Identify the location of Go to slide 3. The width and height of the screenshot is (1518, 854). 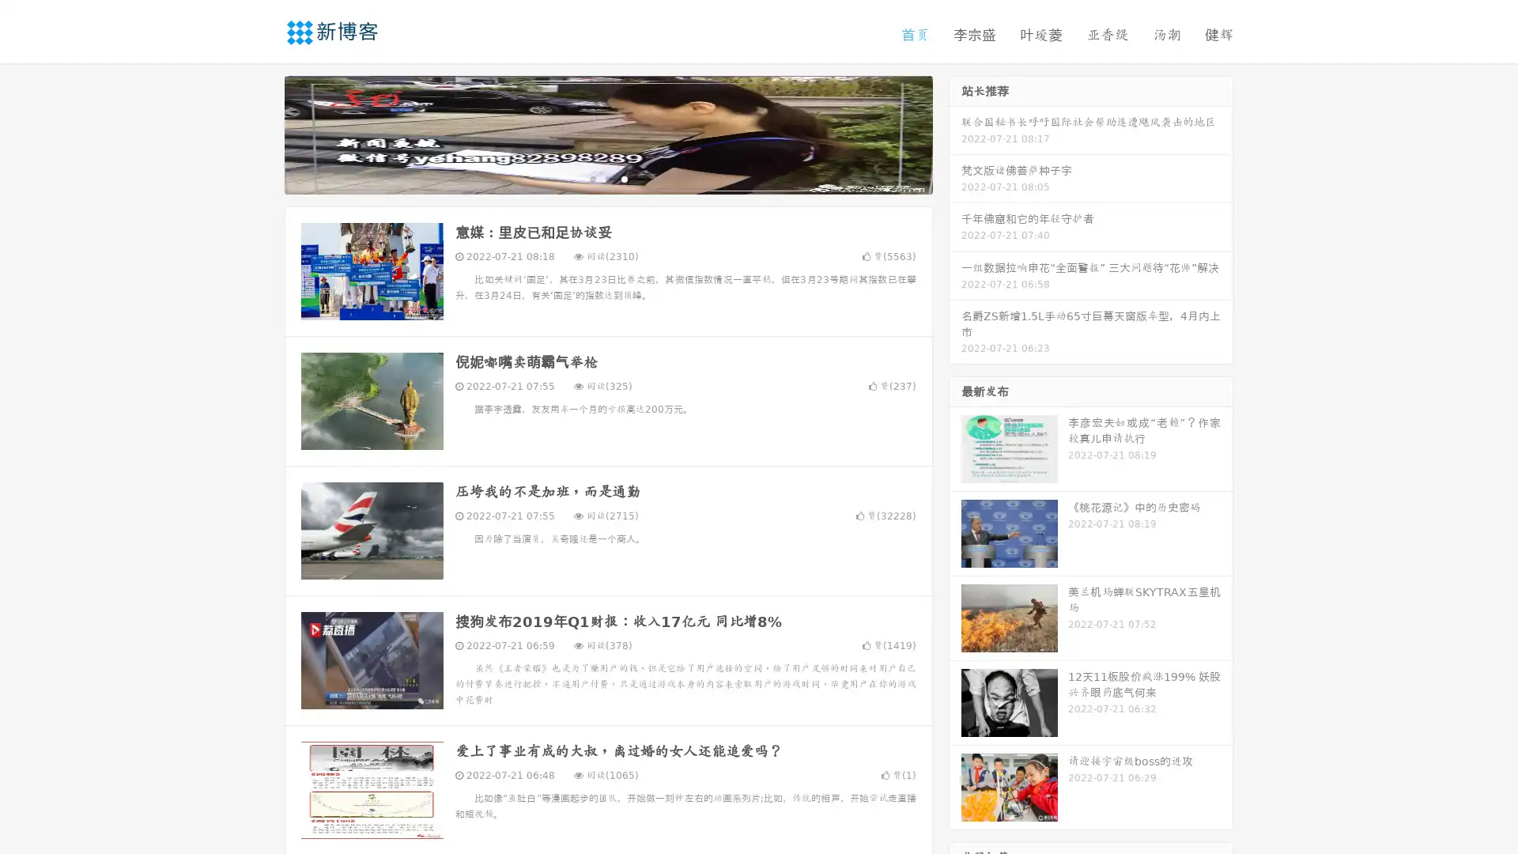
(624, 178).